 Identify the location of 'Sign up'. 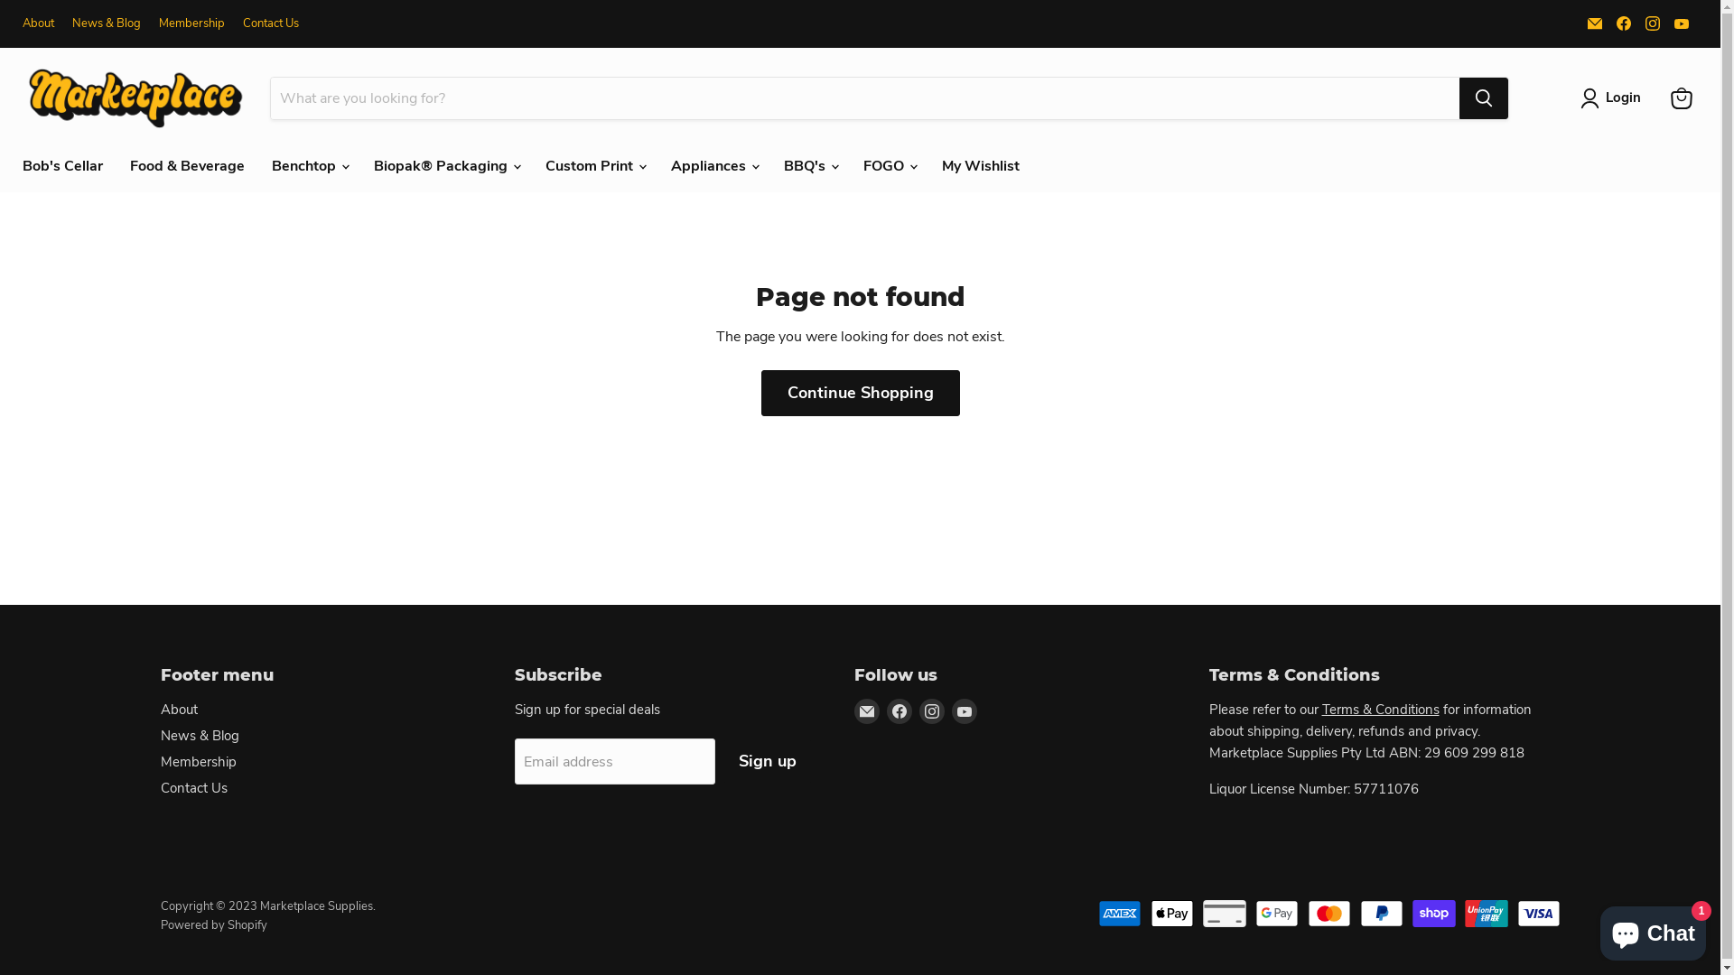
(767, 761).